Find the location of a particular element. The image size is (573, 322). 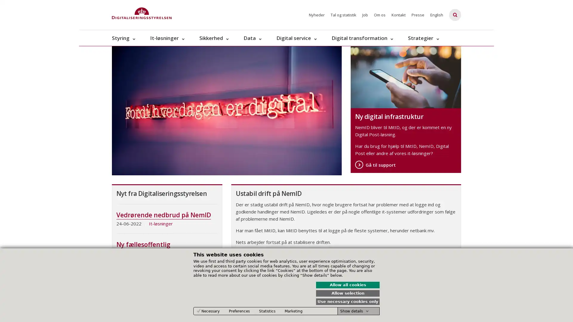

Digital service - flere links is located at coordinates (315, 38).